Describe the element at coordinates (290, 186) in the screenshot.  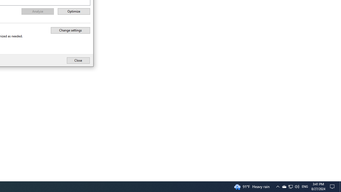
I see `'Notification Chevron'` at that location.